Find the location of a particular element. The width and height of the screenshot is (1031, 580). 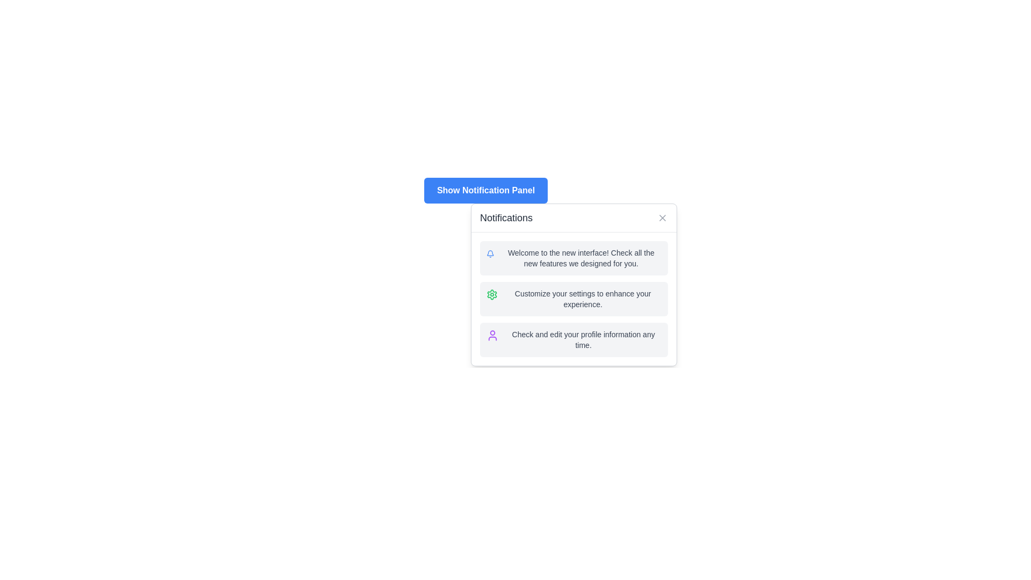

notification text in the first notification entry featuring a light gray background and a blue notification bell icon, which contains the message 'Welcome to the new interface! Check all the new features we designed for you.' is located at coordinates (573, 258).